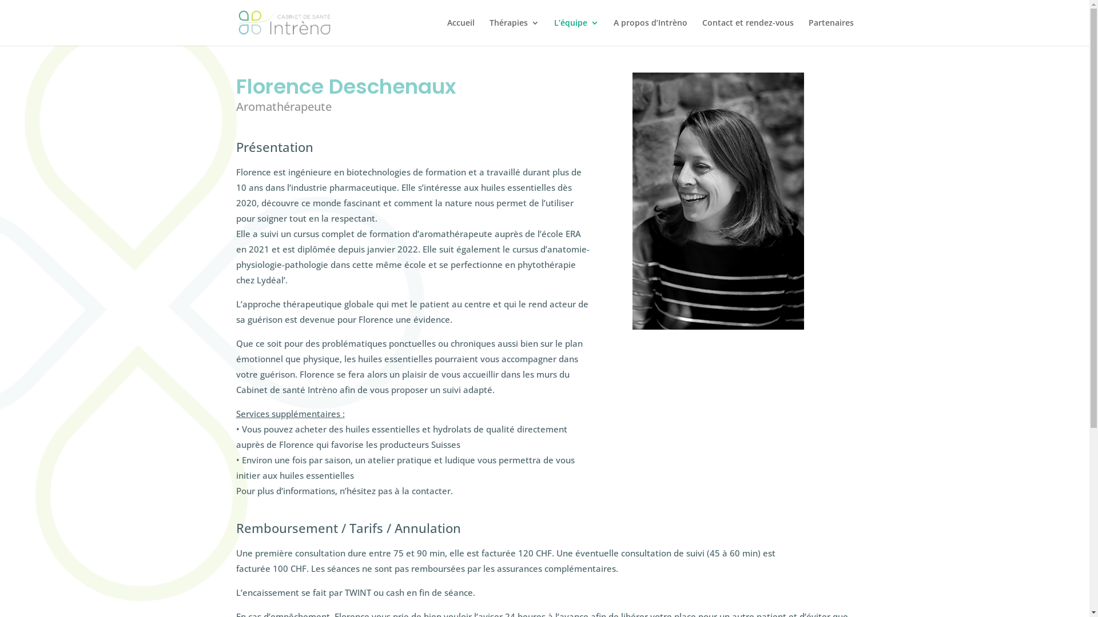  Describe the element at coordinates (747, 31) in the screenshot. I see `'Contact et rendez-vous'` at that location.